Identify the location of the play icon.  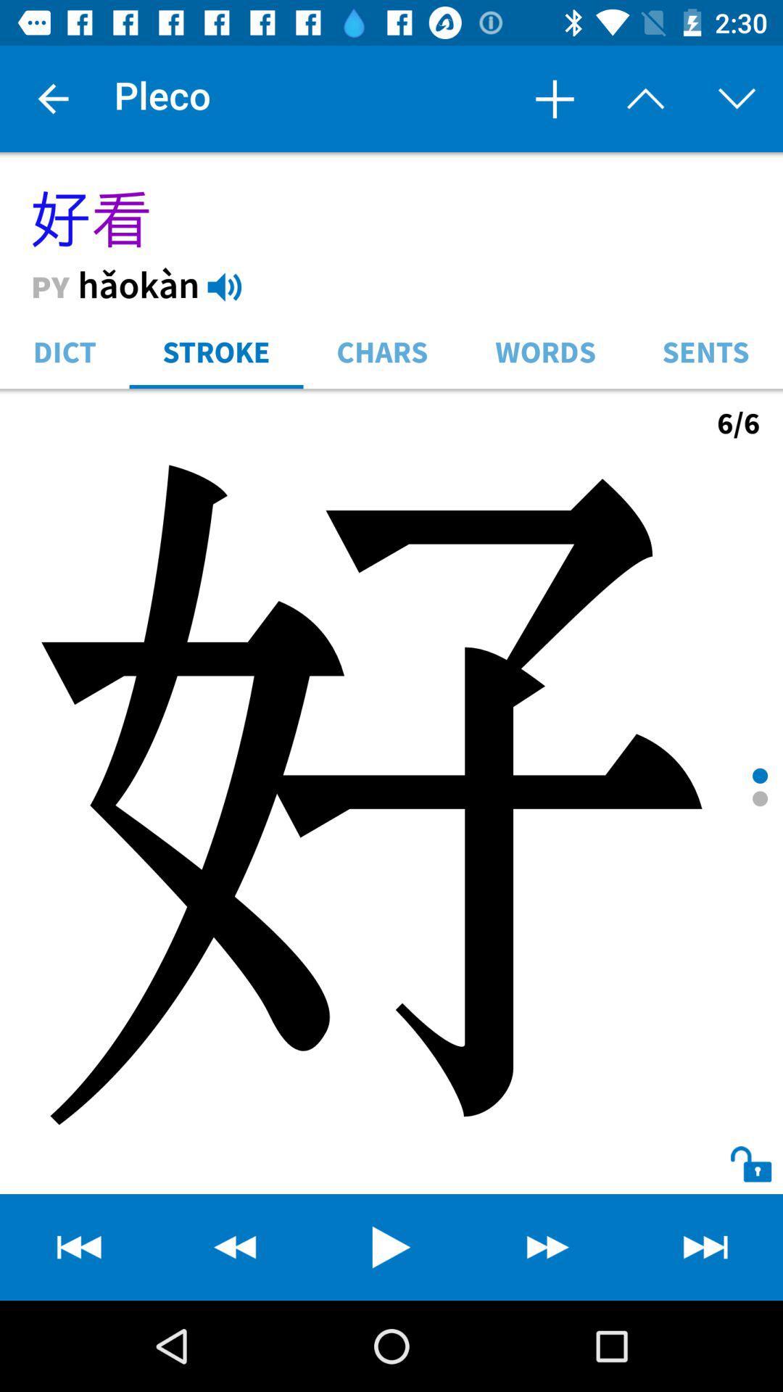
(391, 1246).